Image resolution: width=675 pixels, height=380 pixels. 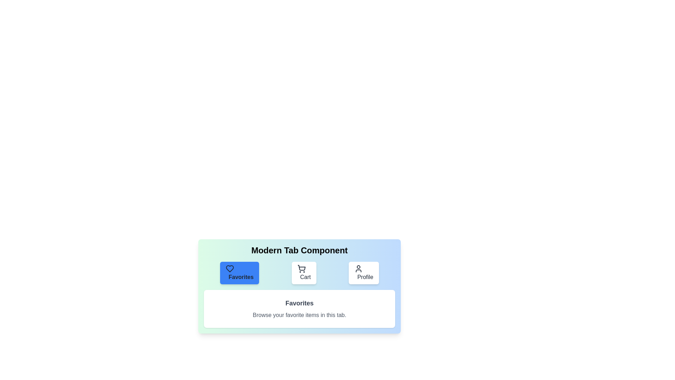 I want to click on the Favorites tab by clicking its button, so click(x=239, y=272).